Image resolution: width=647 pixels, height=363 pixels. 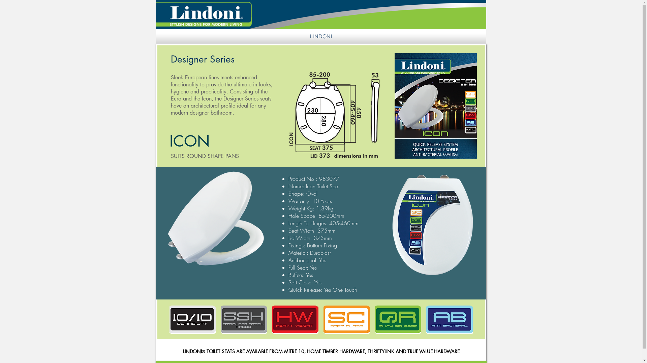 What do you see at coordinates (320, 36) in the screenshot?
I see `'LINDONI'` at bounding box center [320, 36].